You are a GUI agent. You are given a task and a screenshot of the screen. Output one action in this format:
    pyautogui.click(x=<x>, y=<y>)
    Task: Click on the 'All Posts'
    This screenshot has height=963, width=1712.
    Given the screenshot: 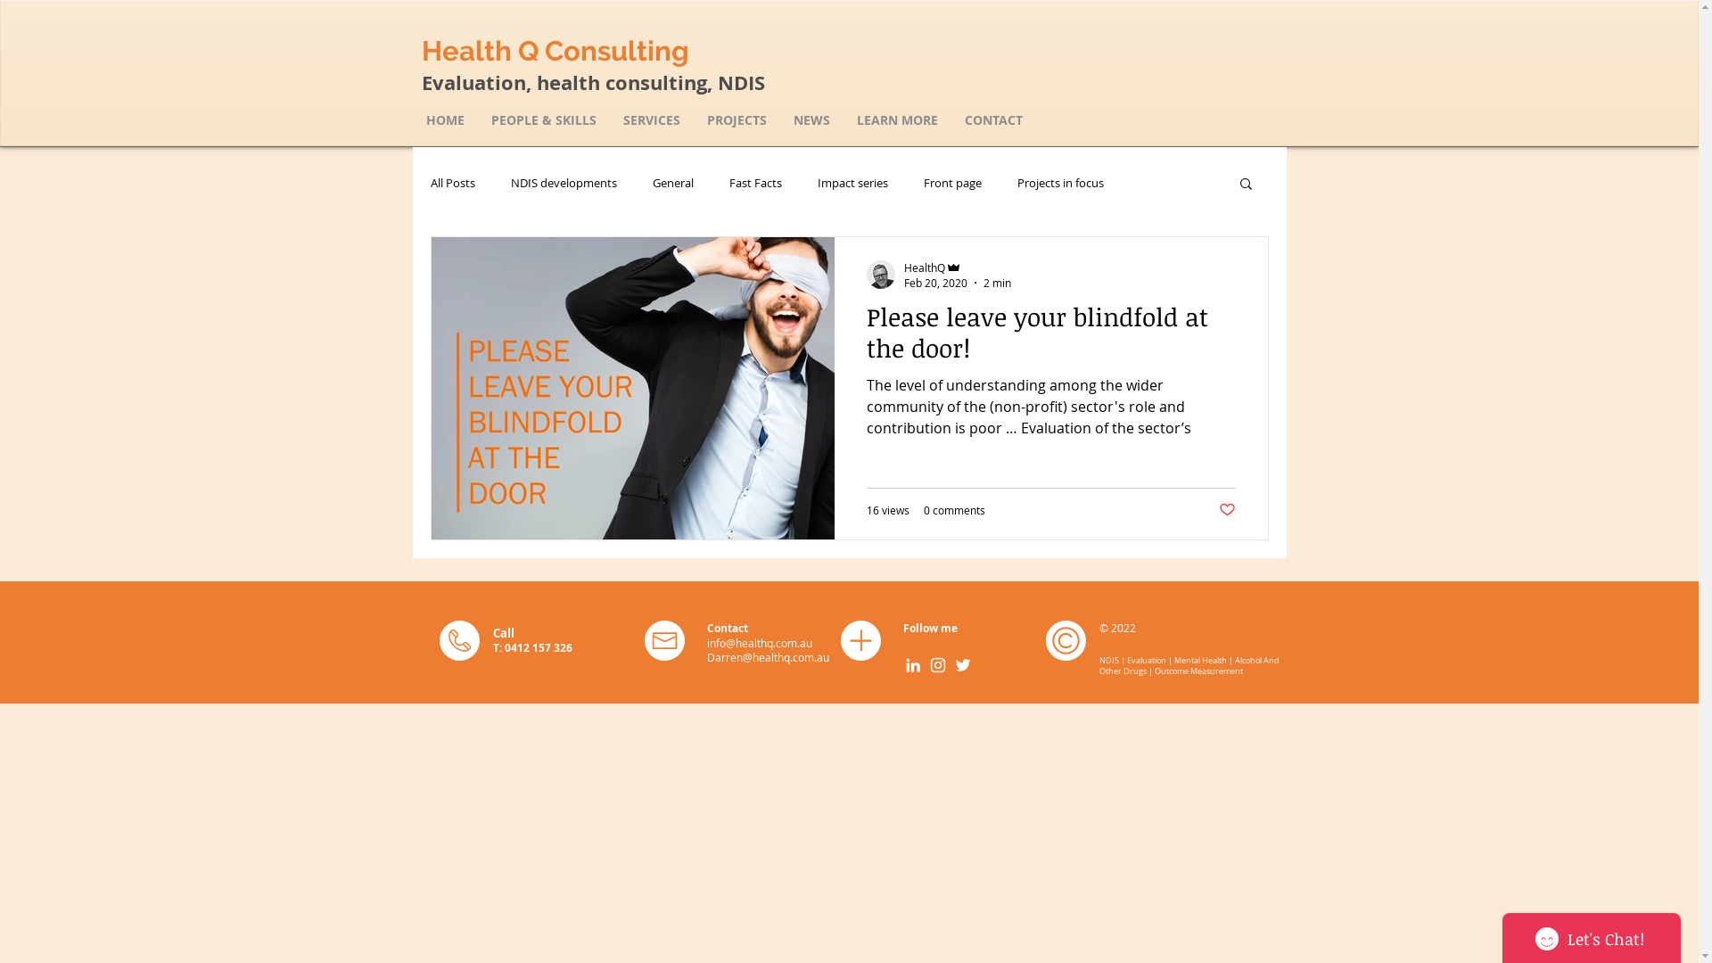 What is the action you would take?
    pyautogui.click(x=452, y=182)
    